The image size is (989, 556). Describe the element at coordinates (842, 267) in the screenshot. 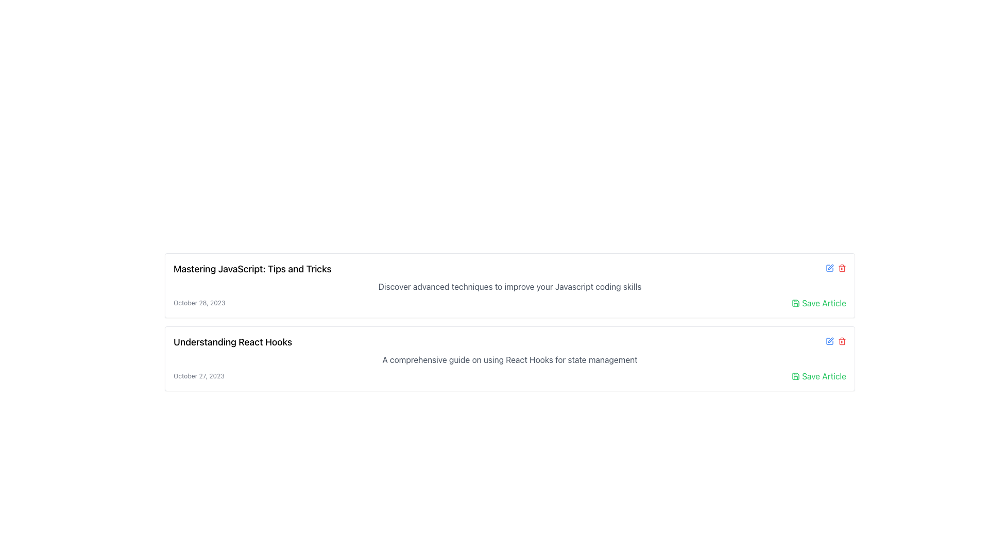

I see `the delete button located at the right end of the row containing the article 'Mastering JavaScript: Tips and Tricks'` at that location.